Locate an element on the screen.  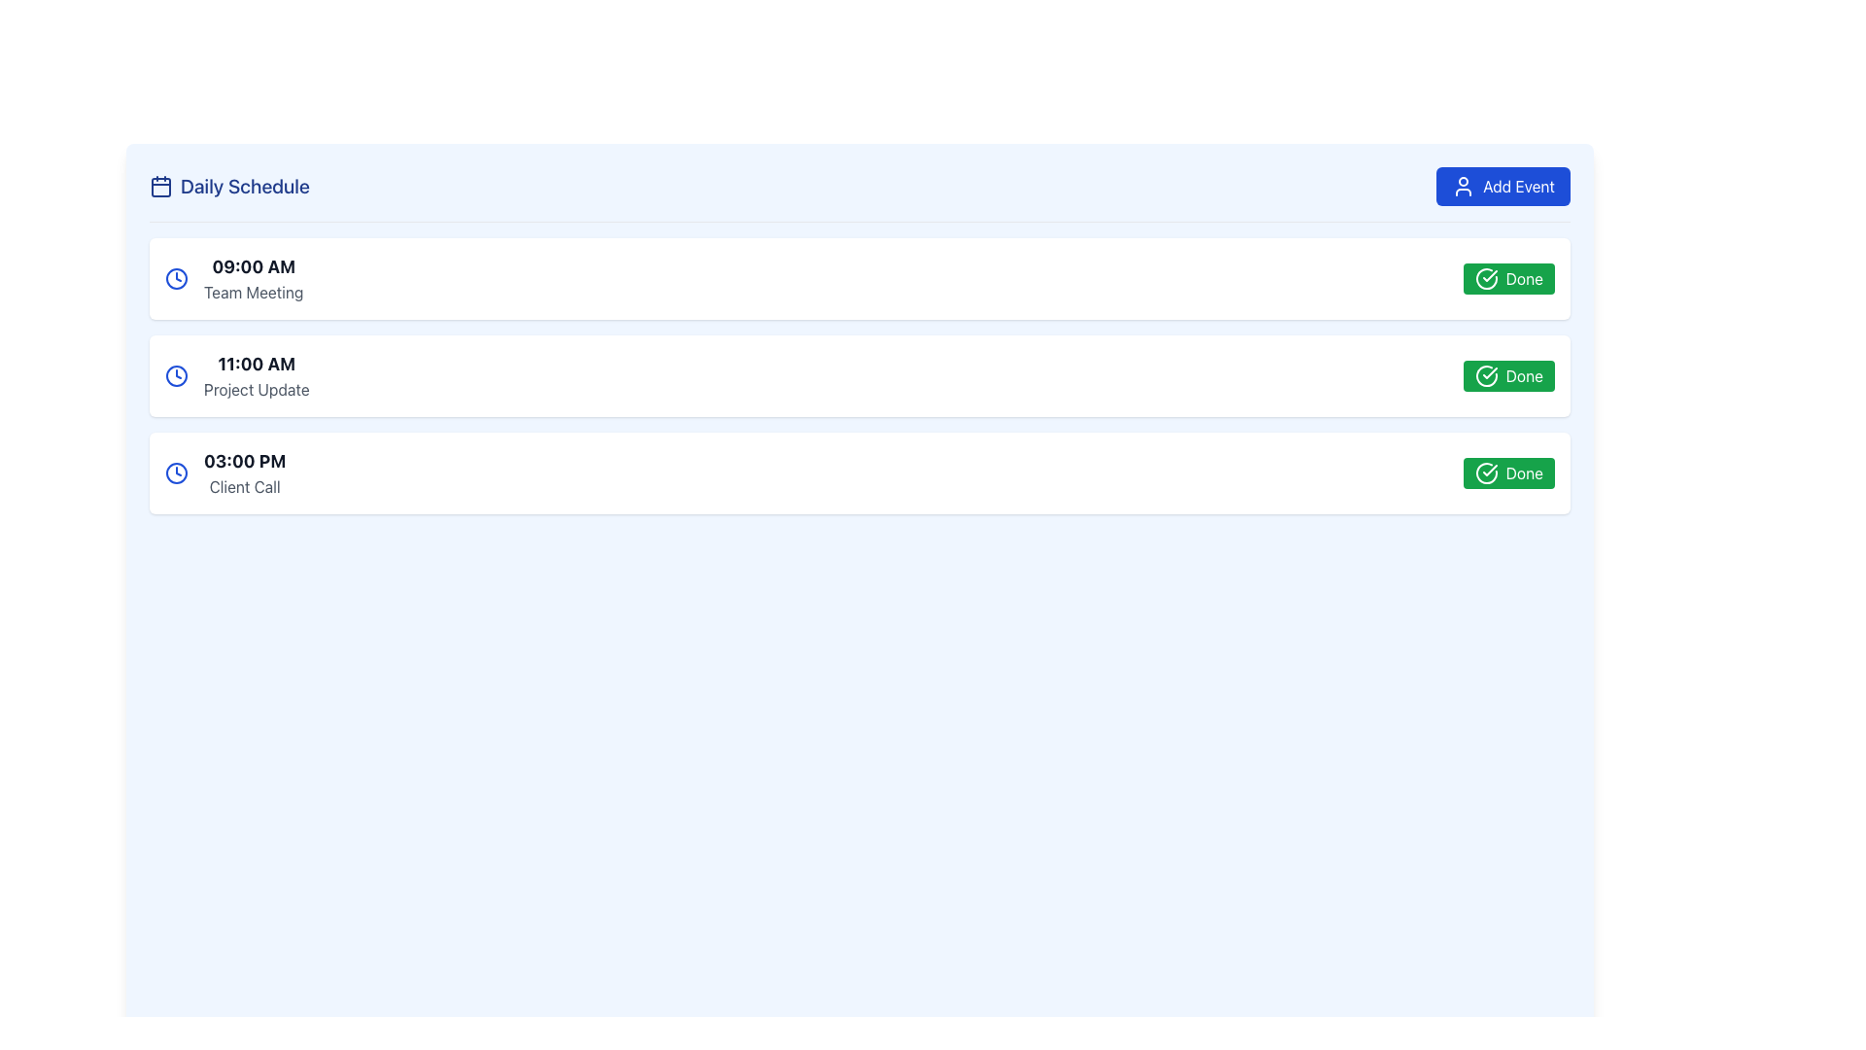
the decorative success icon located to the right of the '11:00 AM Project Update' entry in the daily schedule's middle-level event item is located at coordinates (1489, 373).